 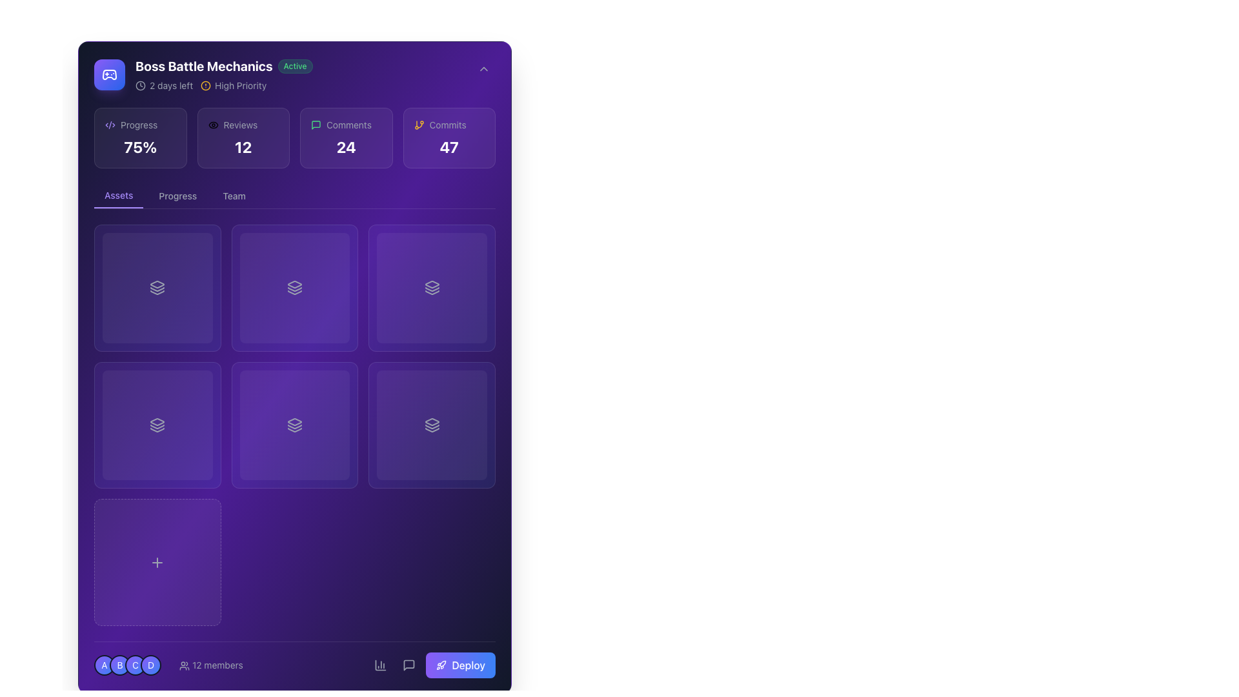 What do you see at coordinates (224, 85) in the screenshot?
I see `the informational display showing '2 days left' and 'High Priority' which includes a clock icon and a circular alert icon, located under the main project title 'Boss Battle Mechanics'` at bounding box center [224, 85].